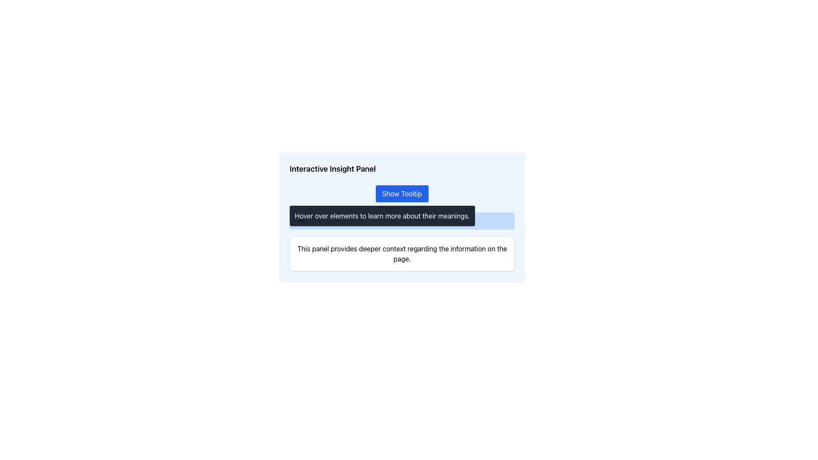  I want to click on the static text block that provides additional explanatory information, located at the bottom of the larger white panel, so click(402, 253).